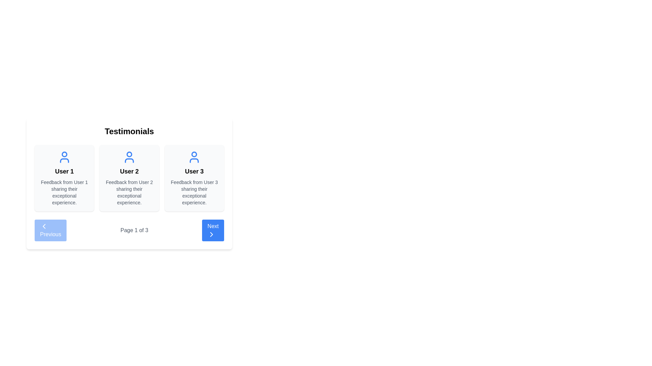  What do you see at coordinates (64, 178) in the screenshot?
I see `the Information card displaying feedback from User 1, which is the first card in a horizontal set of three cards` at bounding box center [64, 178].